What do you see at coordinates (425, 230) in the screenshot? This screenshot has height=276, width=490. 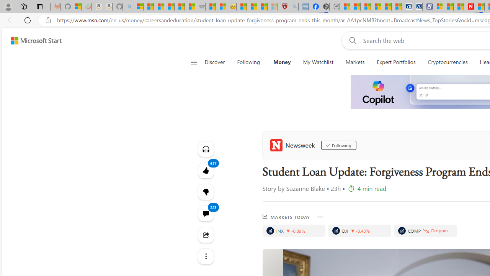 I see `'Price decrease'` at bounding box center [425, 230].